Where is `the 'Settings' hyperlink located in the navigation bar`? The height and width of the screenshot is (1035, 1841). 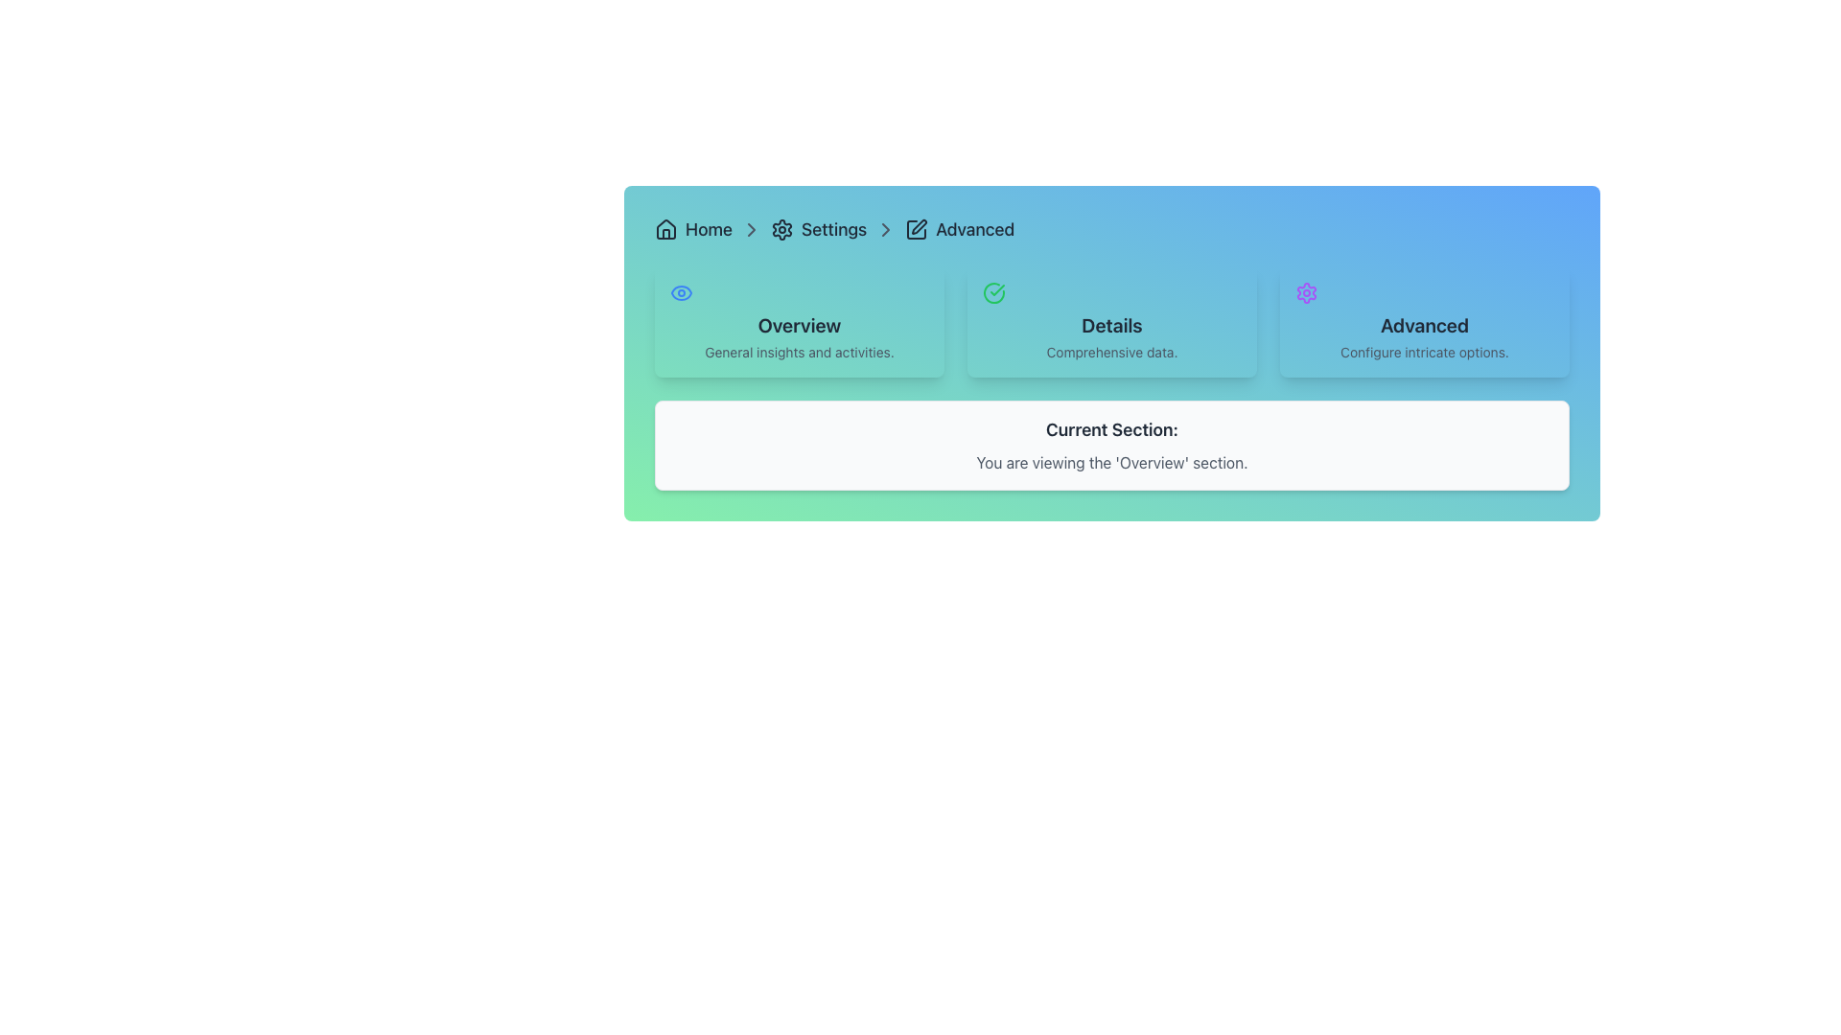 the 'Settings' hyperlink located in the navigation bar is located at coordinates (834, 228).